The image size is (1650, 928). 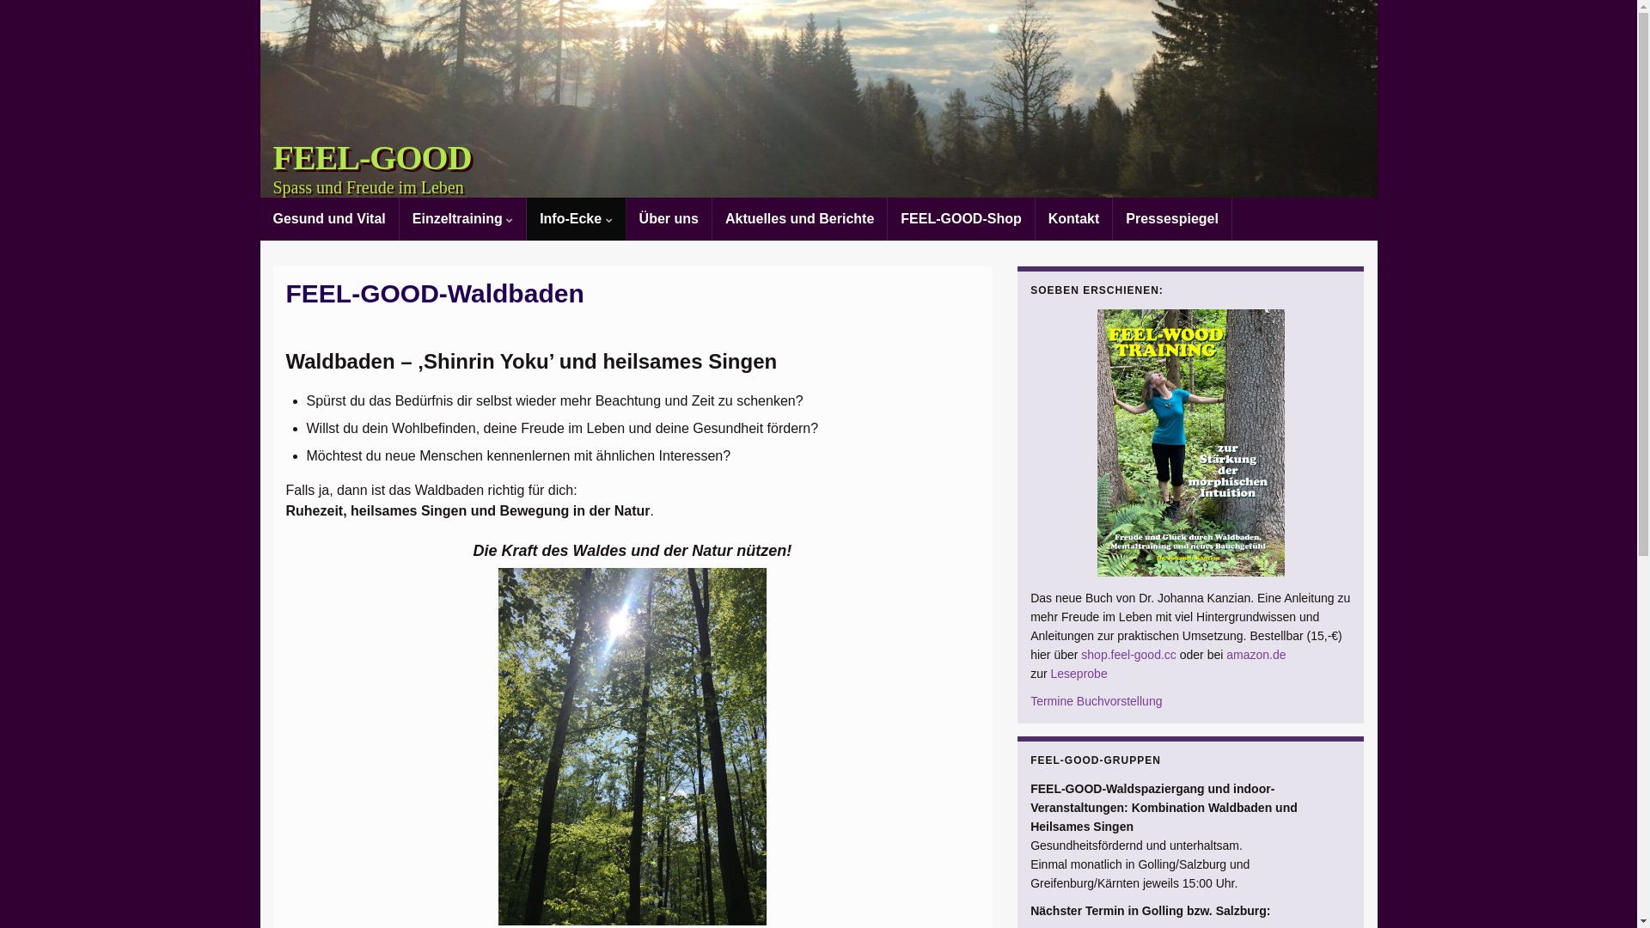 I want to click on 'amazon.de', so click(x=1225, y=655).